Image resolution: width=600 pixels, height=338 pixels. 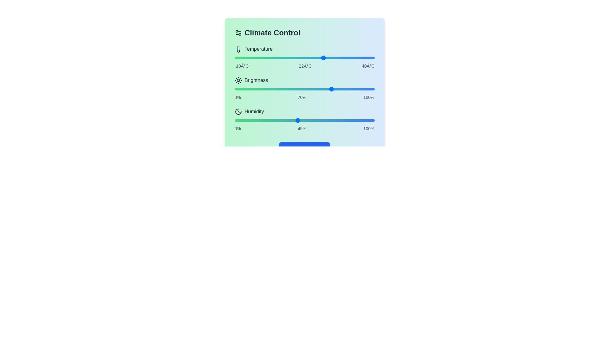 What do you see at coordinates (304, 66) in the screenshot?
I see `the Text Label displaying the temperature values '-10°C, 22°C, and 40°C' located below the 'Temperature' heading in the 'Climate Control' section` at bounding box center [304, 66].